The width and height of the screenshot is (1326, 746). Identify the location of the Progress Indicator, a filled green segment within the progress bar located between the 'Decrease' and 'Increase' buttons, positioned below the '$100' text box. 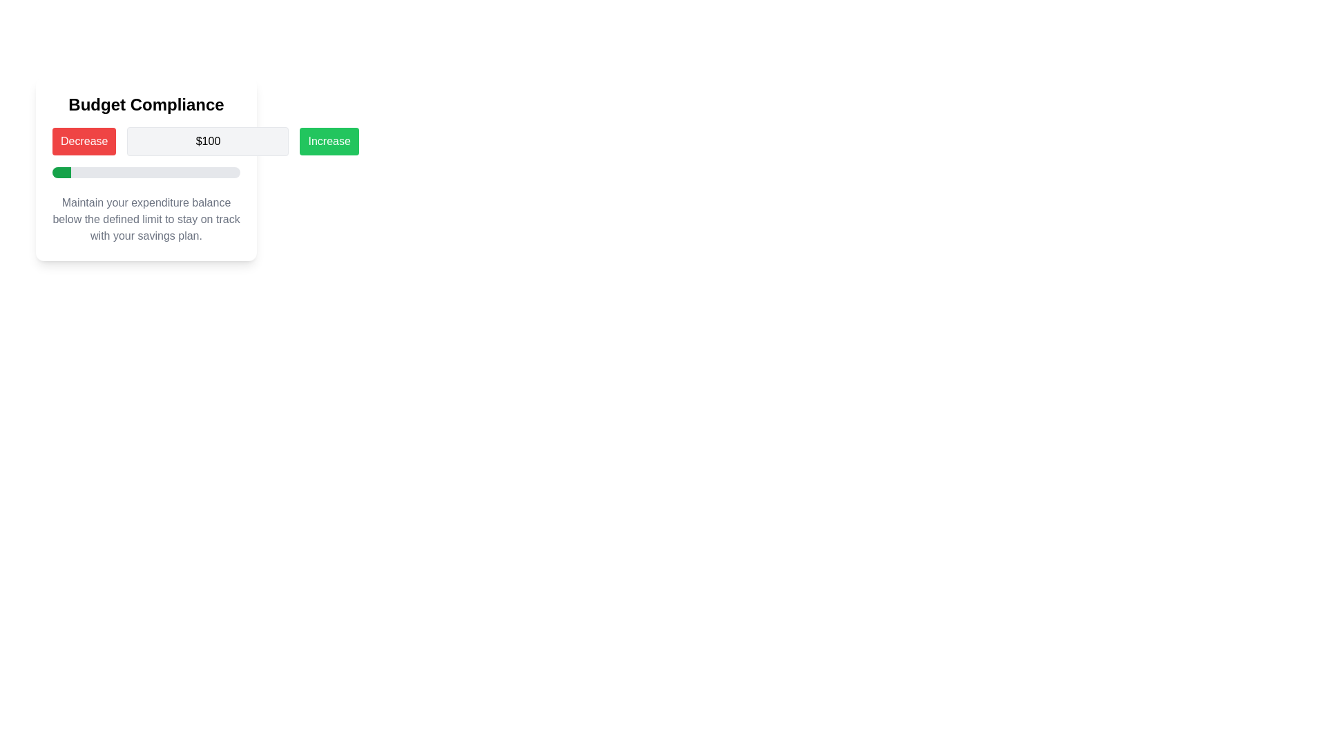
(61, 172).